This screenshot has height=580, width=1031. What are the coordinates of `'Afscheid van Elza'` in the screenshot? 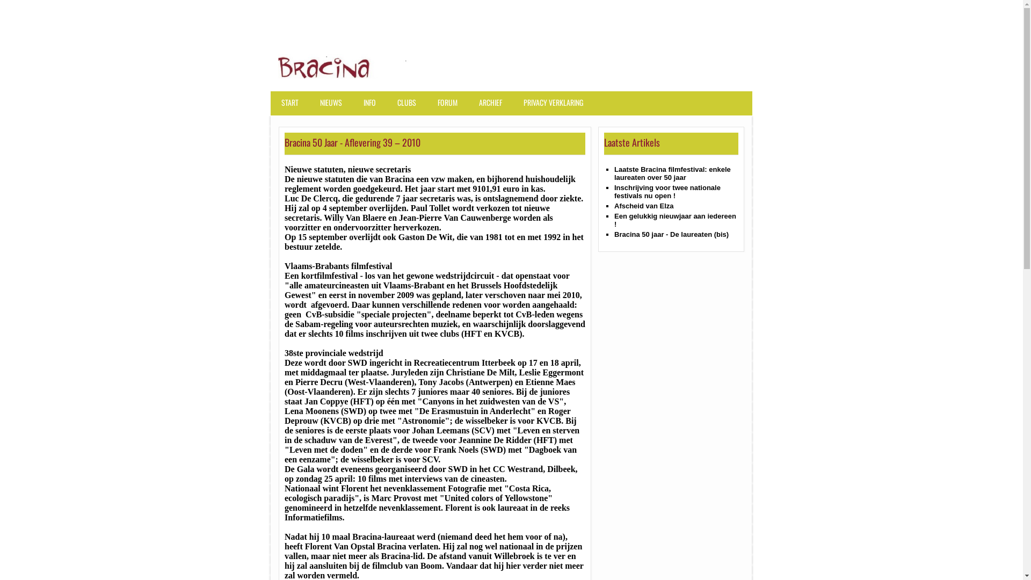 It's located at (644, 206).